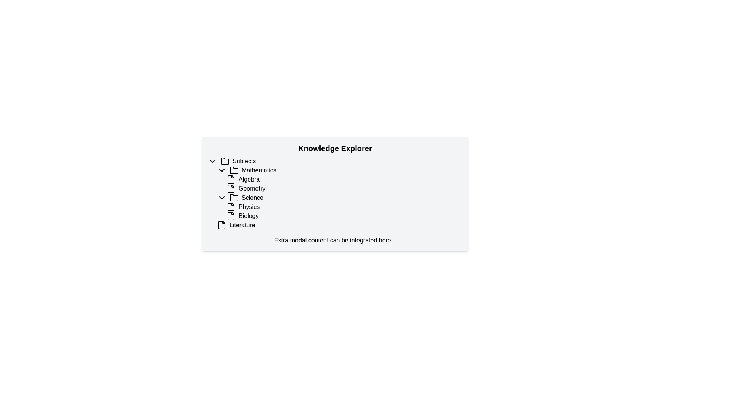 The width and height of the screenshot is (732, 411). I want to click on the bold text label reading 'Algebra' located within the 'Mathematics' section of the navigation pane, so click(249, 179).